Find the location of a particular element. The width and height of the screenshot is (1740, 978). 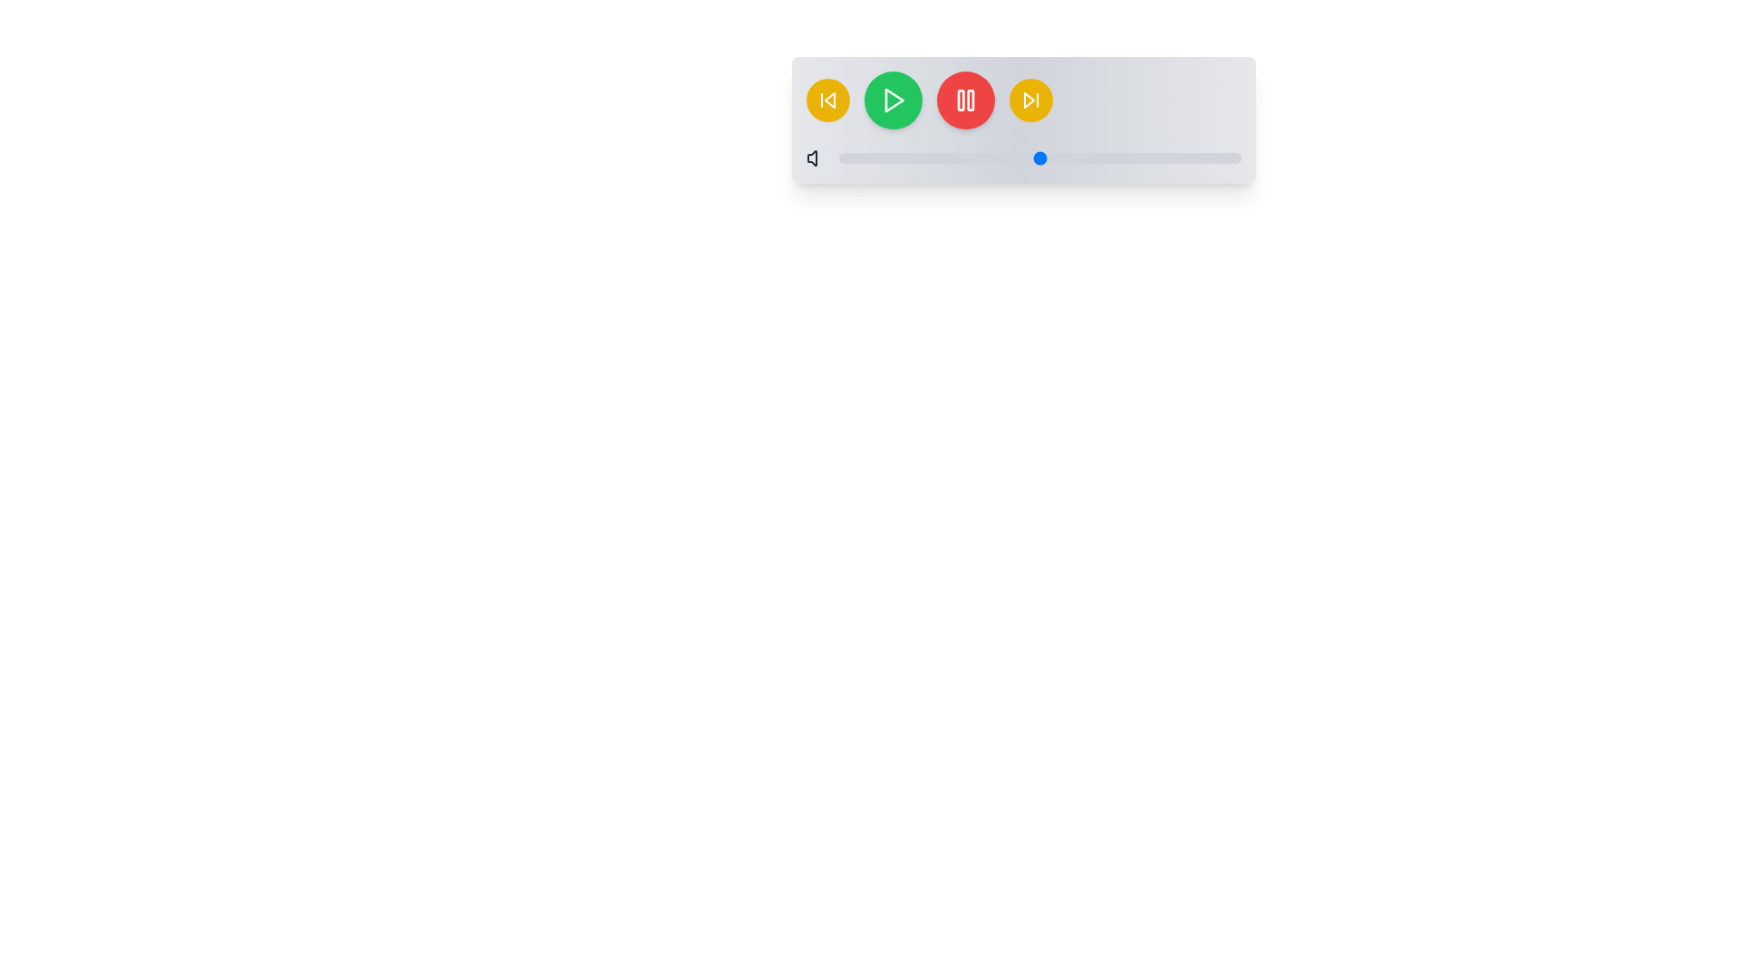

the backward-skip button, which is a white icon with a left-pointing arrow inside a circular yellow button is located at coordinates (826, 101).